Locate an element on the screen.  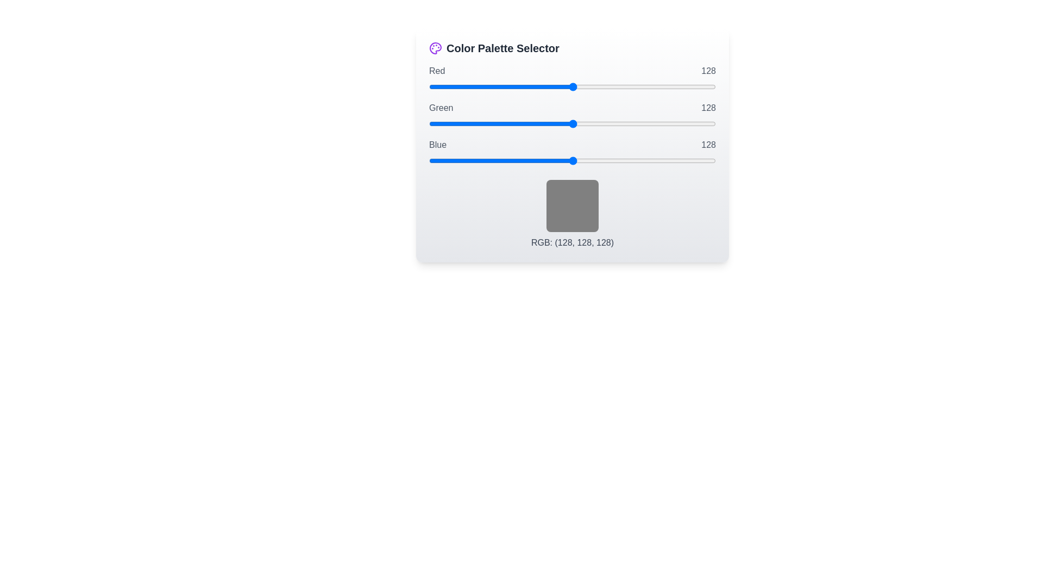
the 1 slider to 19 to observe the color preview box update is located at coordinates (572, 123).